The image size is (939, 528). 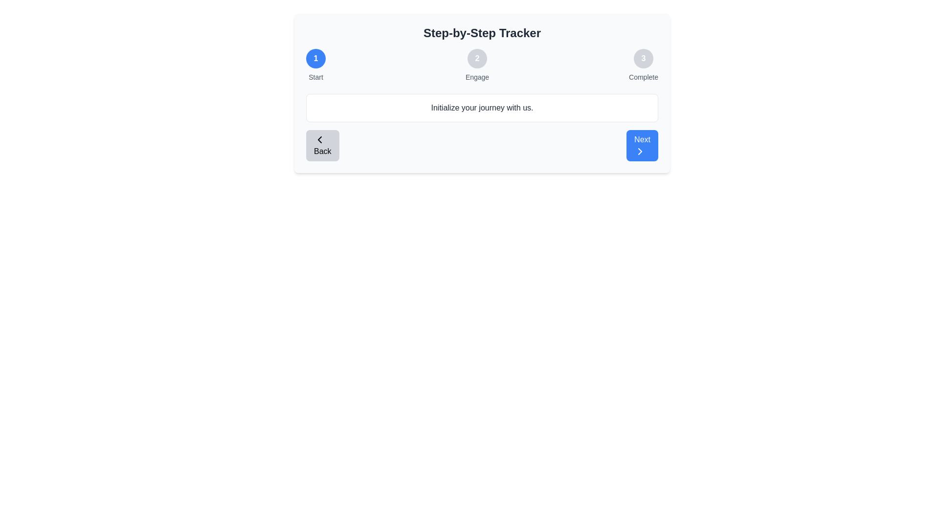 What do you see at coordinates (482, 108) in the screenshot?
I see `the text box labeled 'Initialize your journey with us.' which is centrally located below the step progress indicators and above the navigation buttons` at bounding box center [482, 108].